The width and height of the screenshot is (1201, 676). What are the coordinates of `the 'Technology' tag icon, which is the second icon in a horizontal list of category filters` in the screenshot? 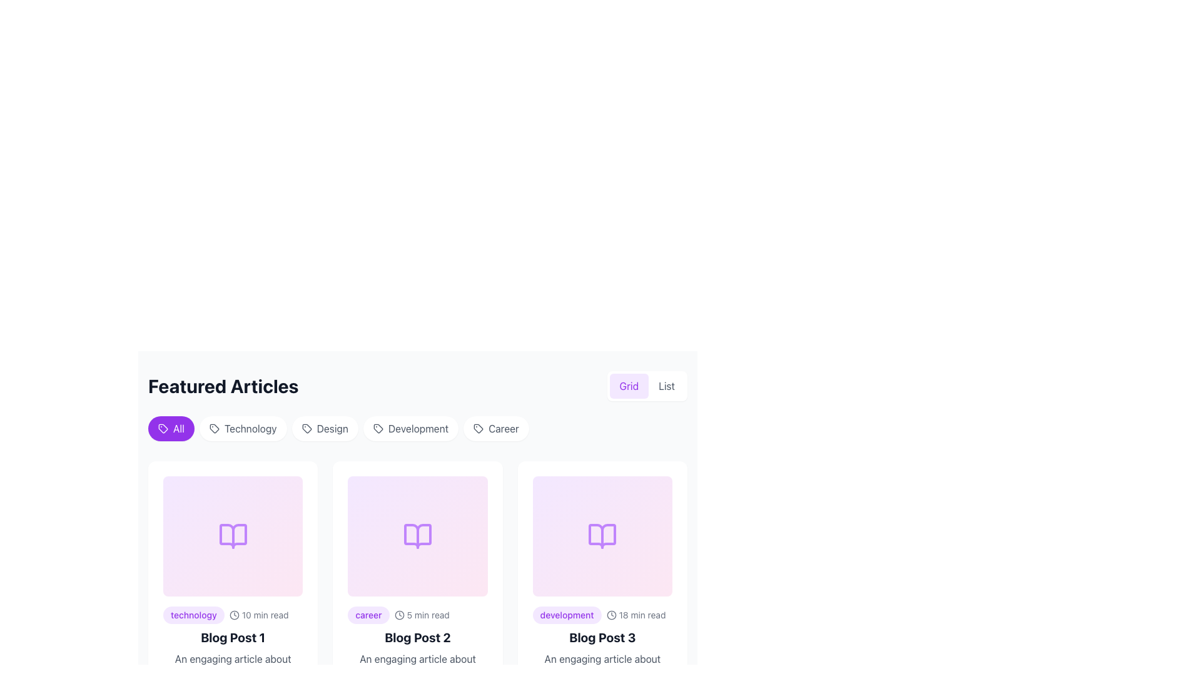 It's located at (214, 428).